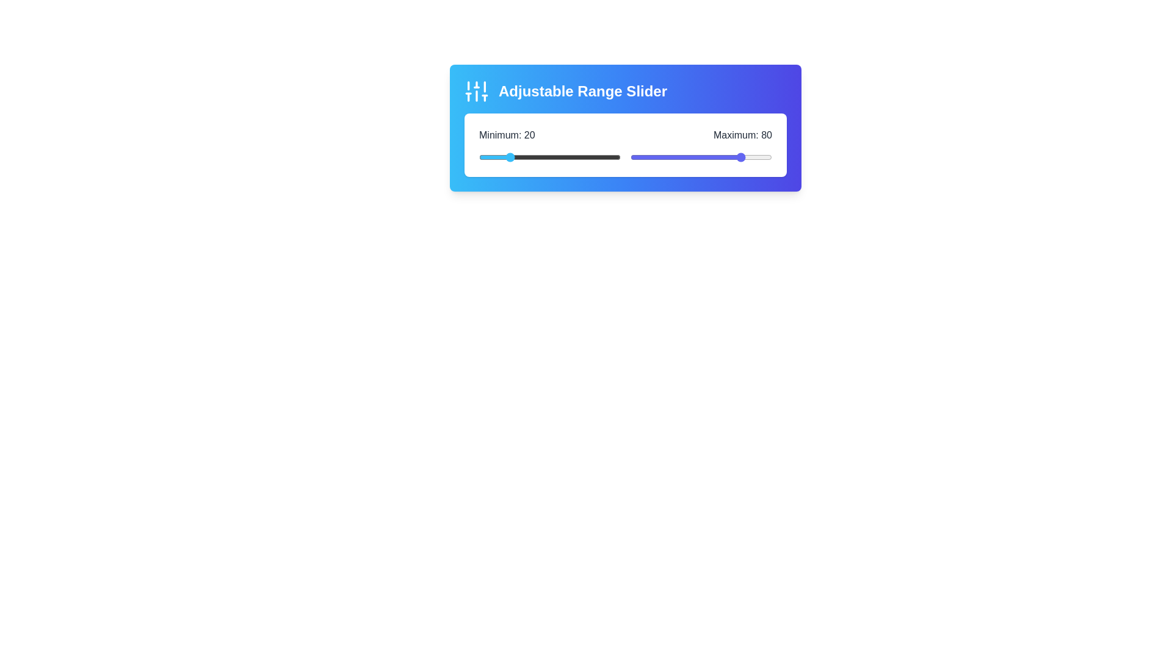 Image resolution: width=1172 pixels, height=659 pixels. I want to click on the slider, so click(724, 157).